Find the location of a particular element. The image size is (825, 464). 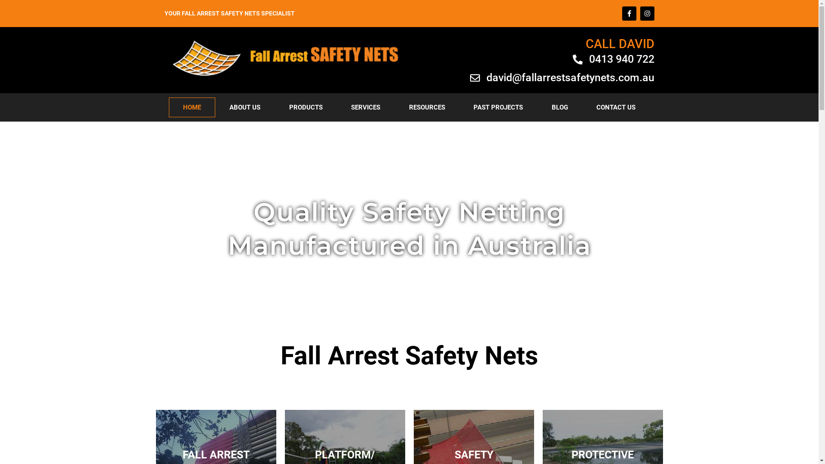

'HOME' is located at coordinates (191, 107).